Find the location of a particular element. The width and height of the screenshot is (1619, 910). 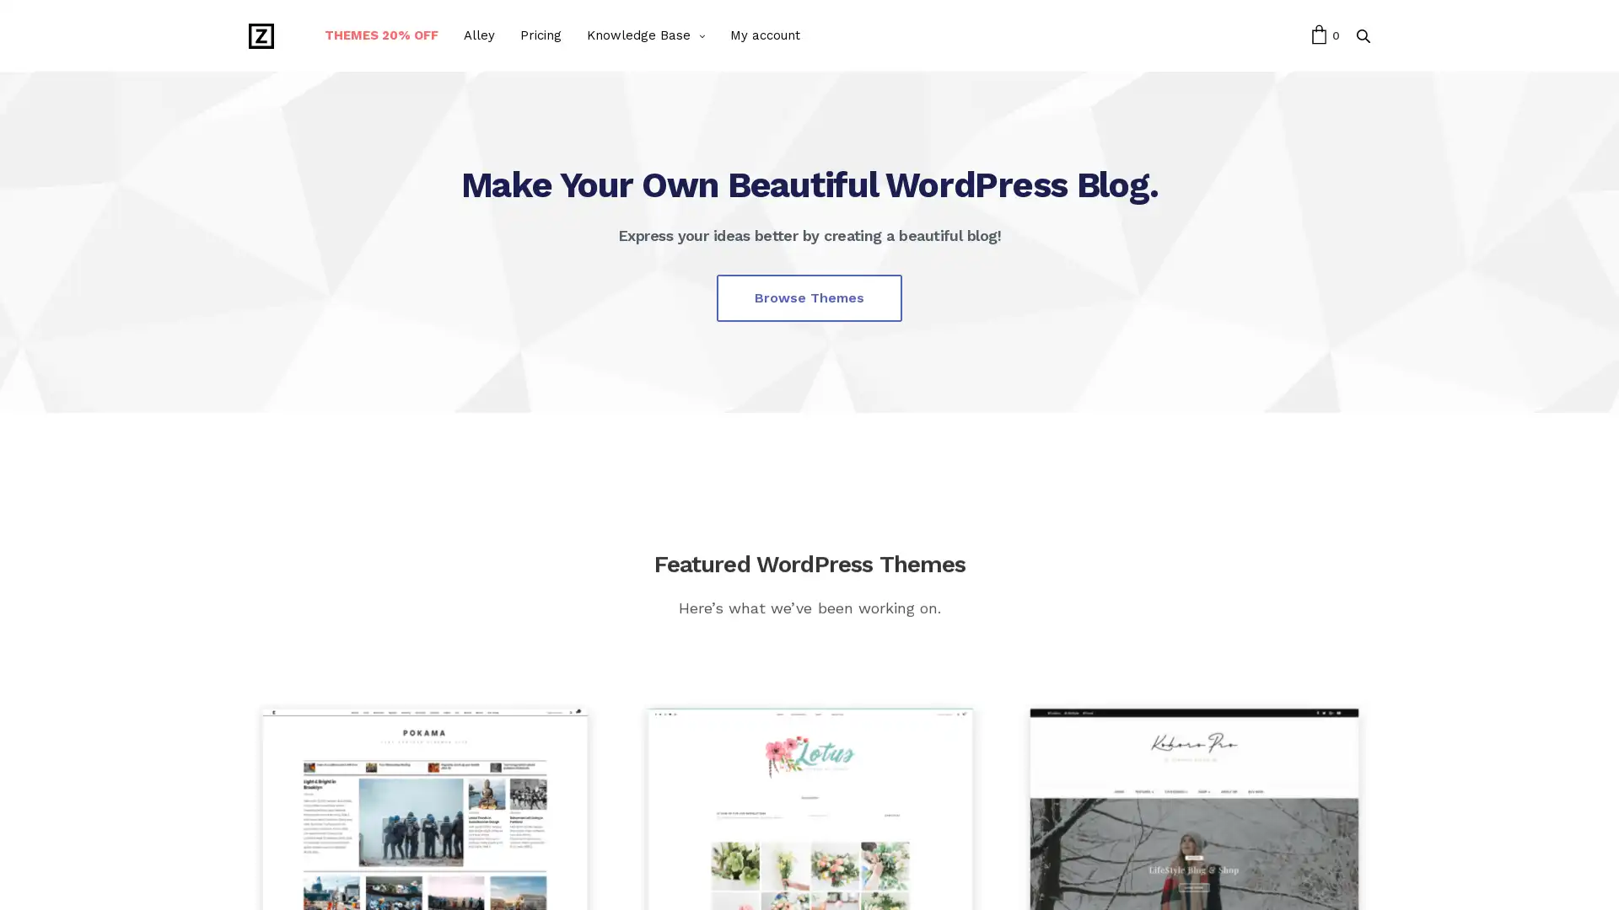

Browse Themes is located at coordinates (809, 297).